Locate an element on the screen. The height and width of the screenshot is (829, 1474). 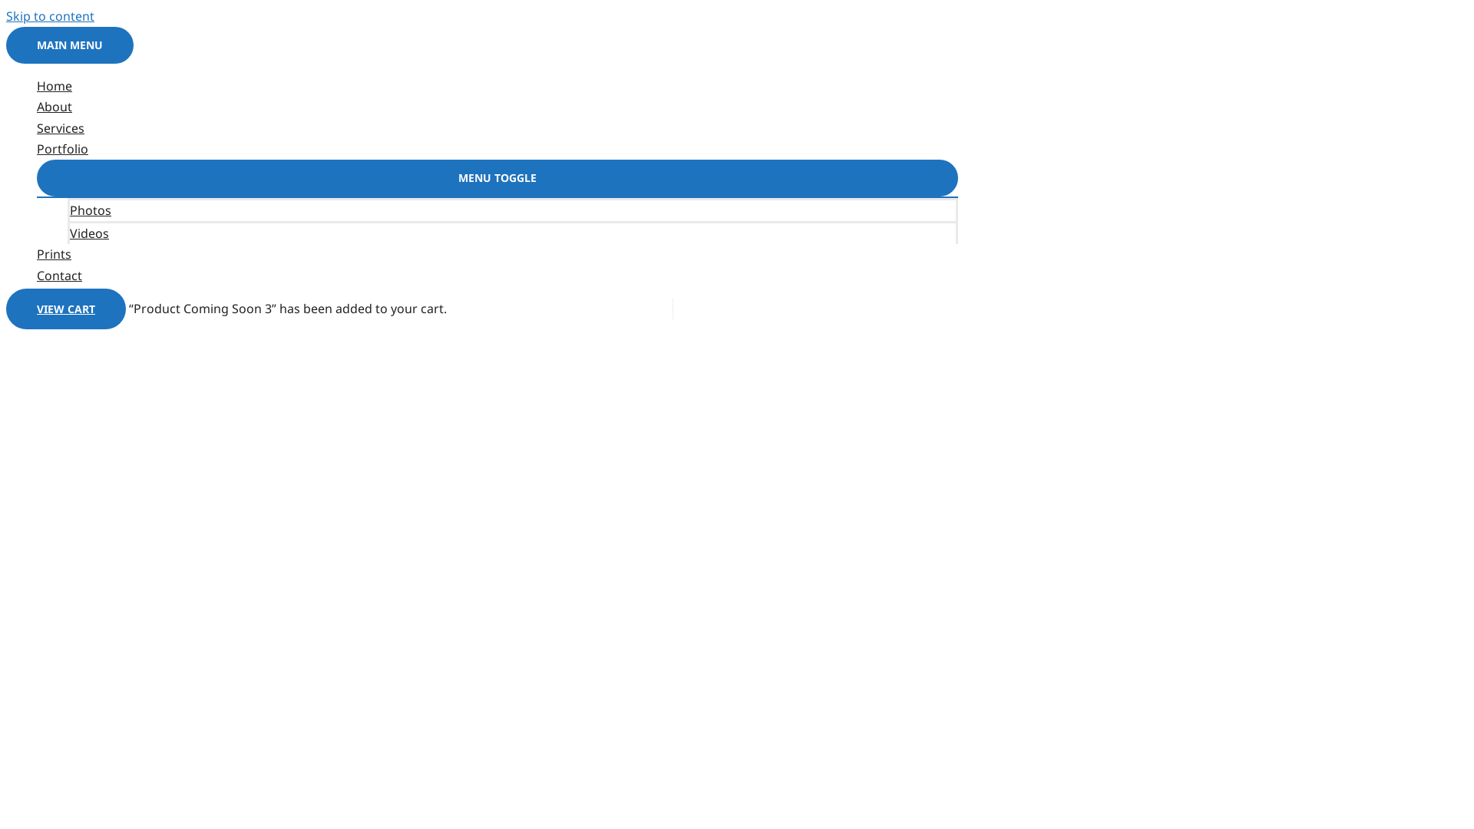
'About' is located at coordinates (497, 106).